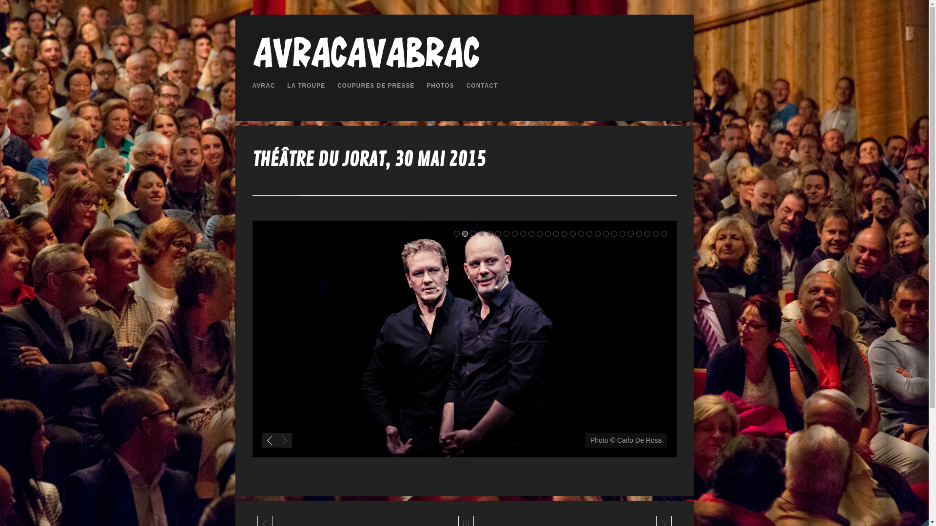  I want to click on '6', so click(498, 233).